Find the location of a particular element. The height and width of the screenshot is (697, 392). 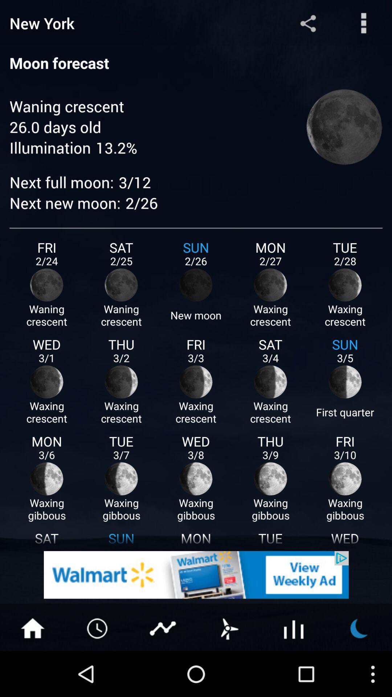

wind forecast is located at coordinates (228, 627).